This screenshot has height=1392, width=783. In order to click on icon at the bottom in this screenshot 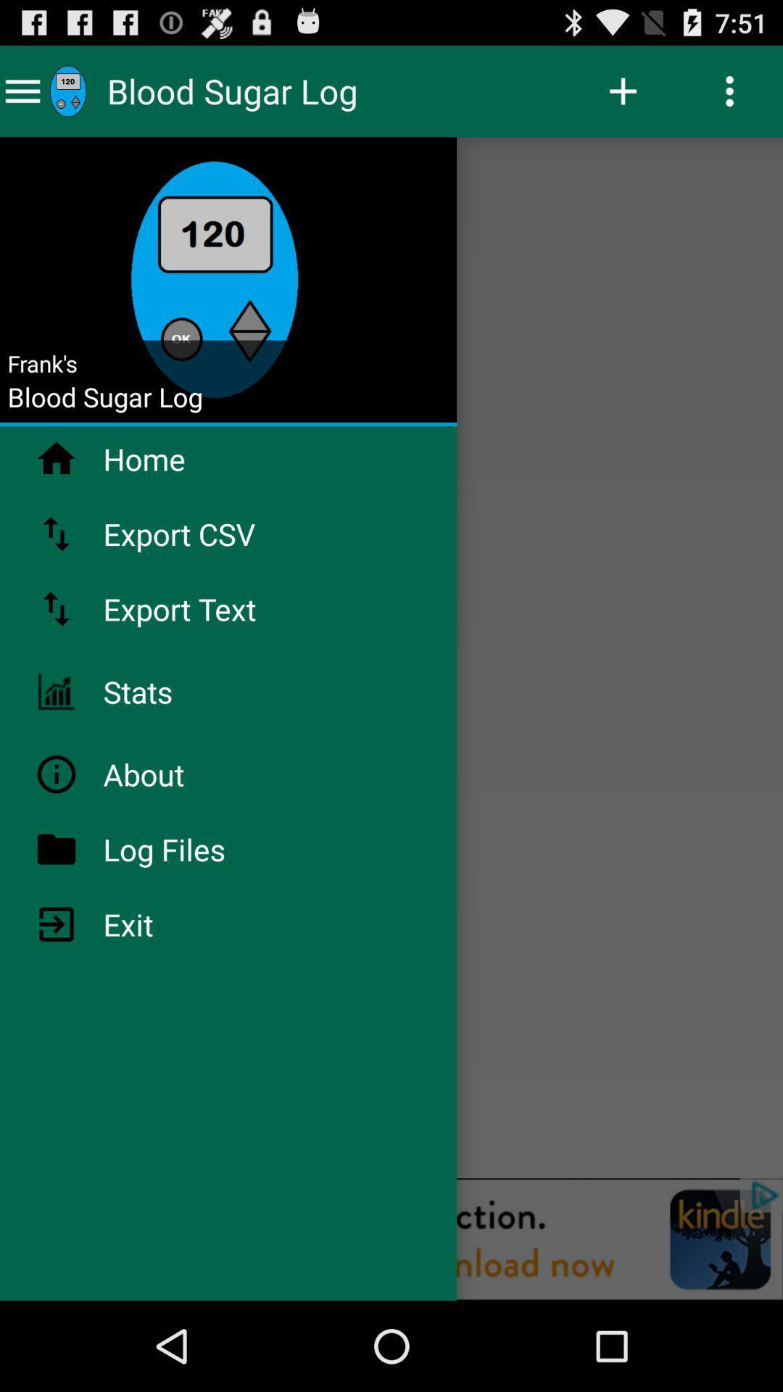, I will do `click(391, 1238)`.